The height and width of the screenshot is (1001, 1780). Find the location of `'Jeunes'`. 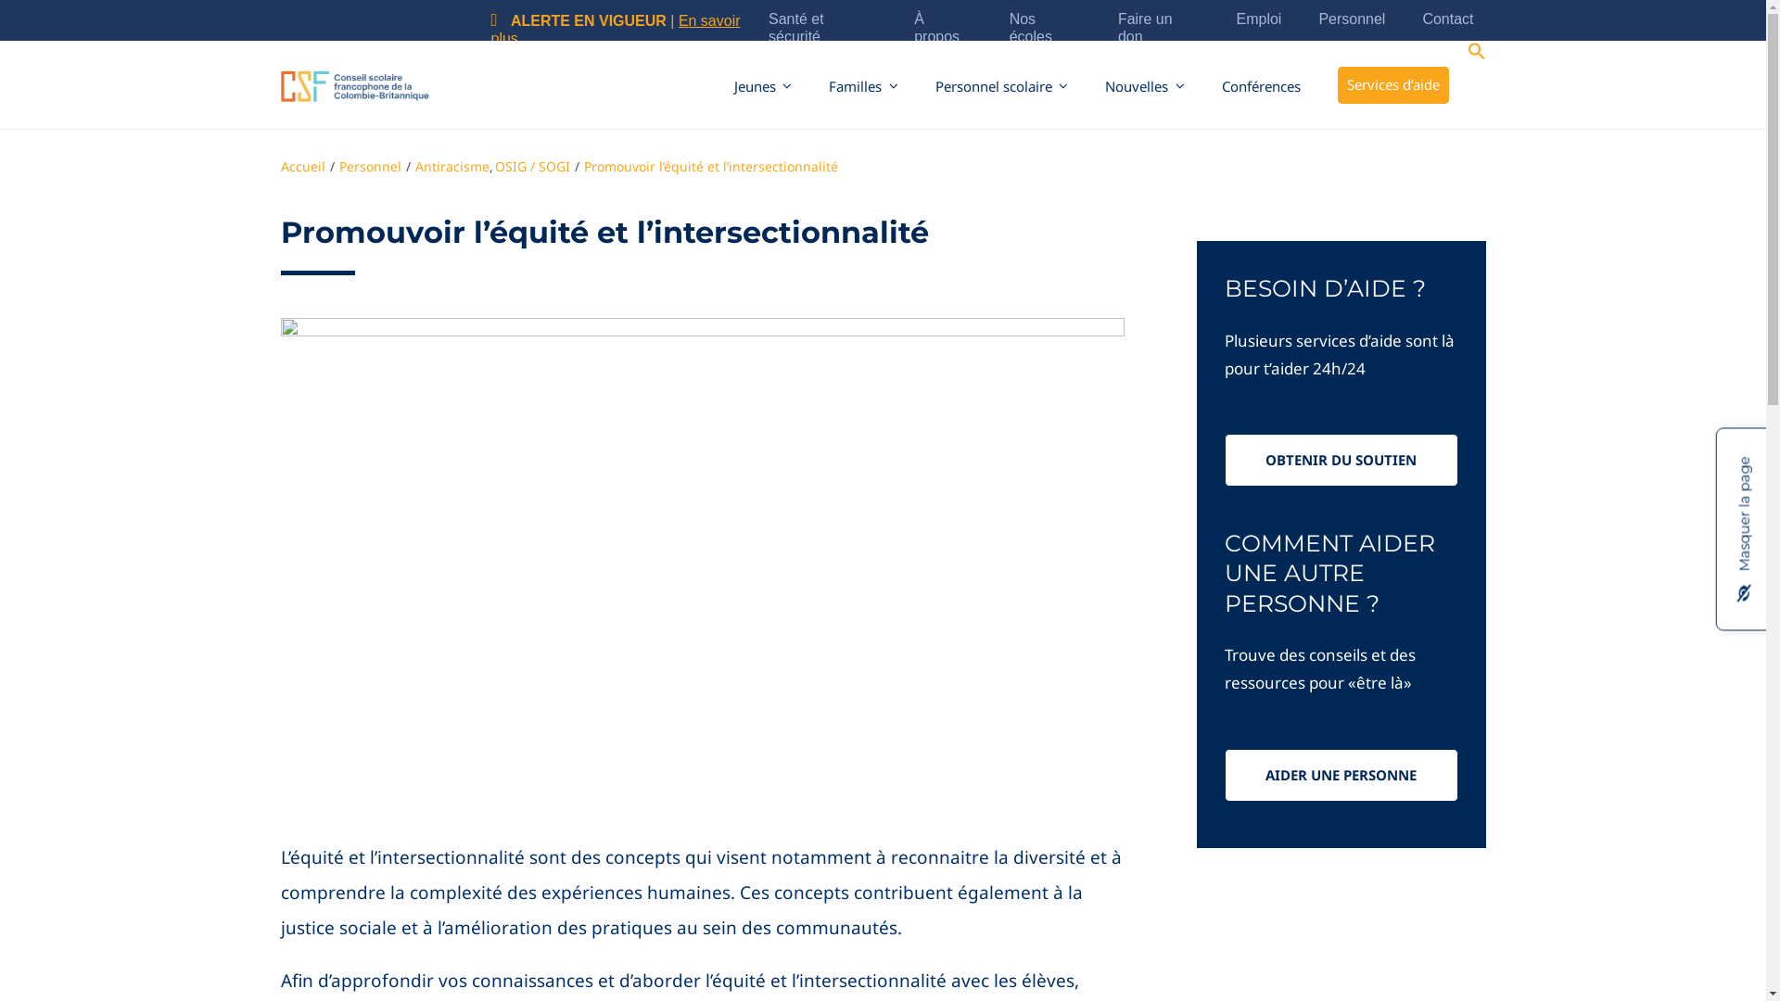

'Jeunes' is located at coordinates (763, 84).